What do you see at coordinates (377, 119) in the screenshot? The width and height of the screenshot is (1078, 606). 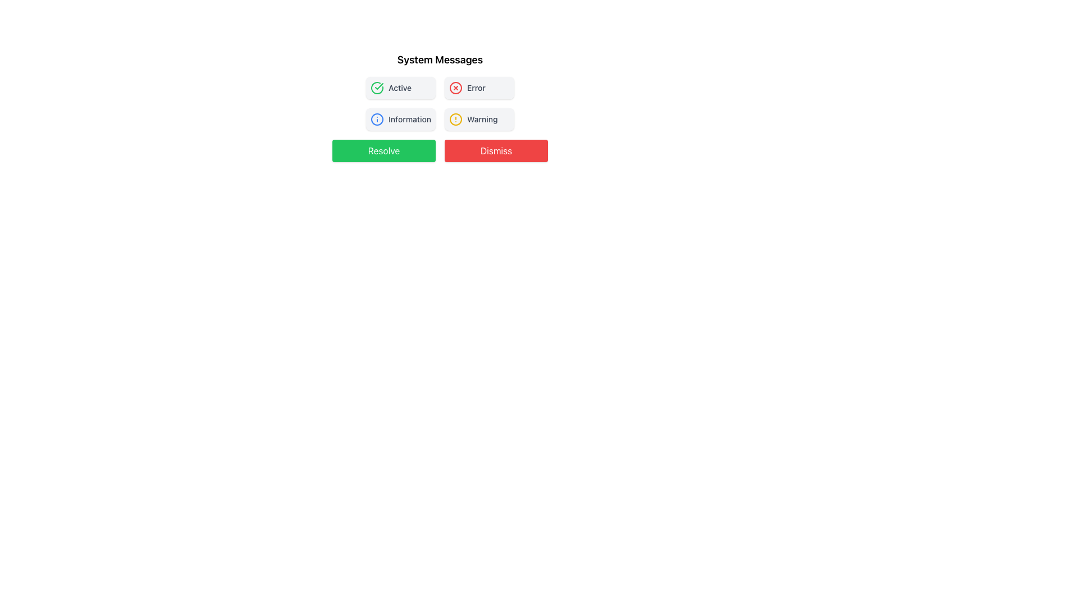 I see `the informational status icon located to the left of the 'Information' text within the 'Information' box in the 'System Messages' section` at bounding box center [377, 119].